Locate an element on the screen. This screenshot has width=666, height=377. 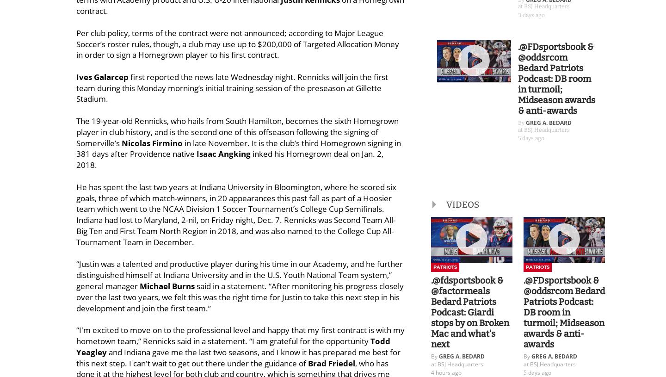
'The 19-year-old Rennicks, who hails from South Hamilton, becomes the sixth Homegrown player in club history, and is the second one of this offseason following the signing of Somerville’s' is located at coordinates (237, 131).